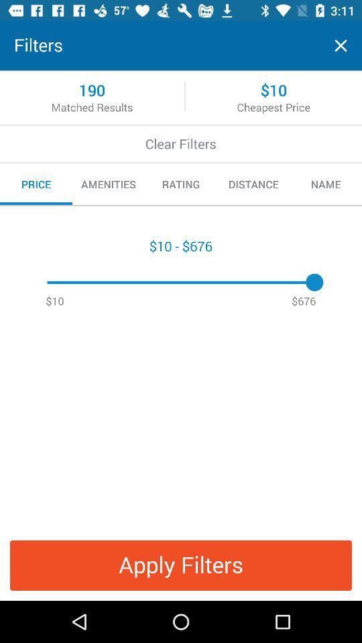  Describe the element at coordinates (181, 184) in the screenshot. I see `the item to the right of amenities icon` at that location.